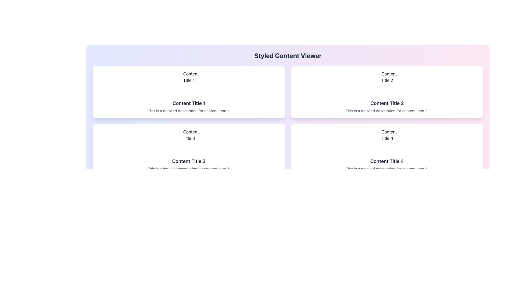 Image resolution: width=516 pixels, height=290 pixels. Describe the element at coordinates (189, 168) in the screenshot. I see `the text label that reads 'This is a detailed description for content item 3.' which is styled in gray and positioned directly under 'Content Title 3'` at that location.